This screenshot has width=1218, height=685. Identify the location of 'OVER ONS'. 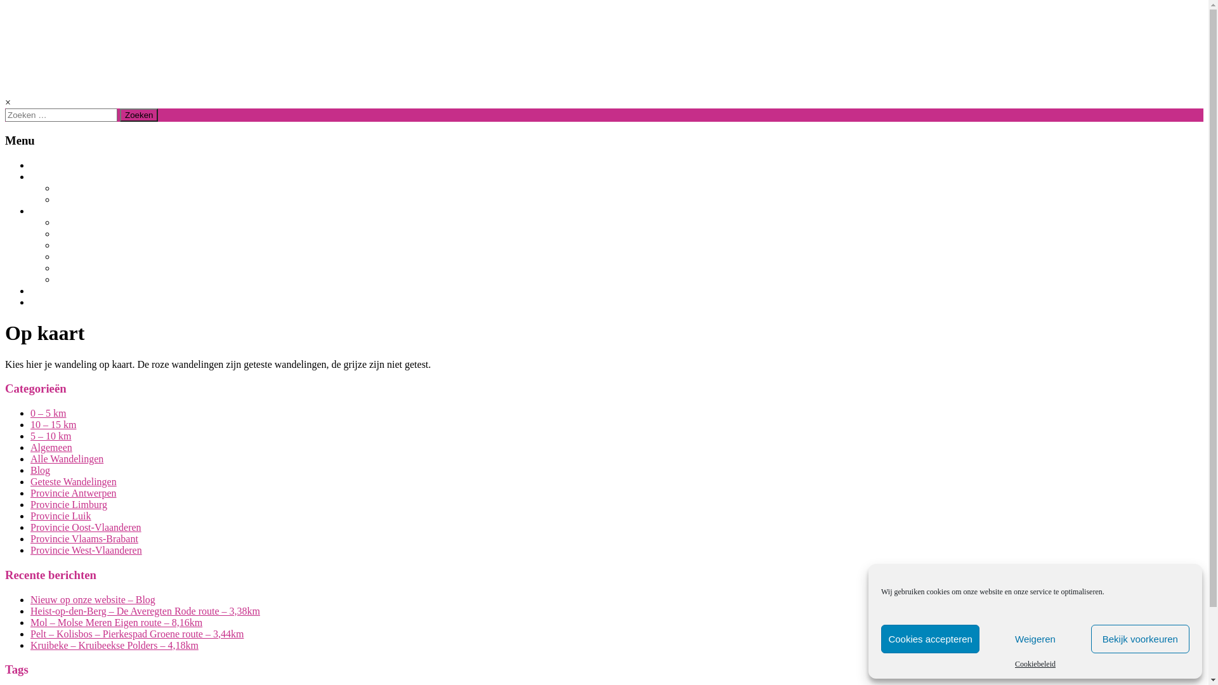
(52, 291).